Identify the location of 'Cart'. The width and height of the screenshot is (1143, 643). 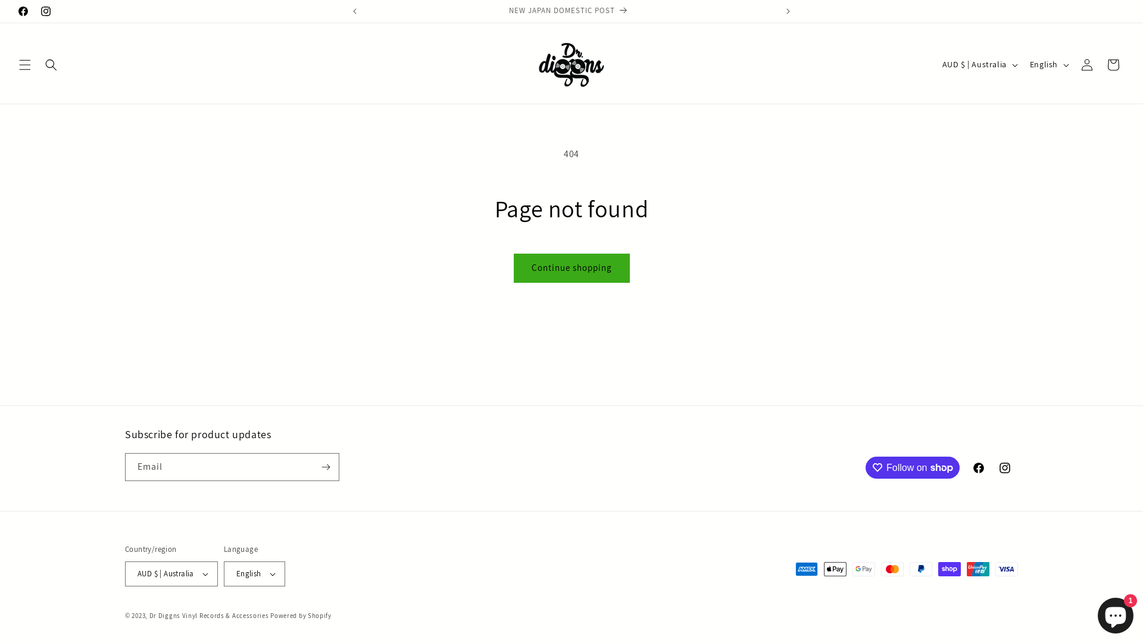
(1113, 64).